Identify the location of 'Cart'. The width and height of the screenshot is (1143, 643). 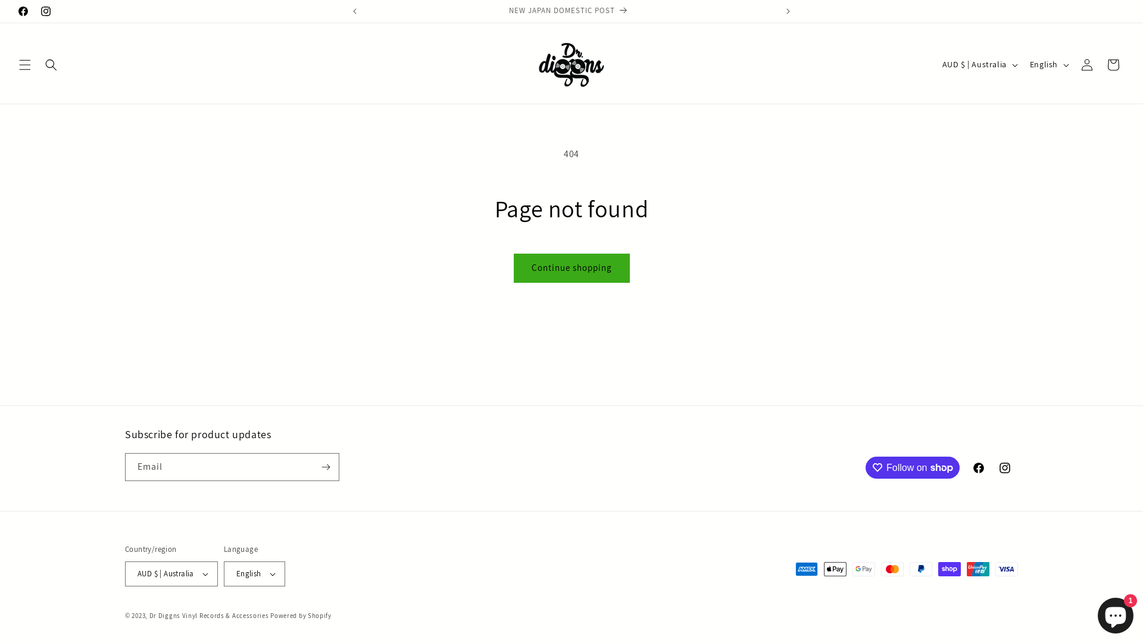
(1113, 64).